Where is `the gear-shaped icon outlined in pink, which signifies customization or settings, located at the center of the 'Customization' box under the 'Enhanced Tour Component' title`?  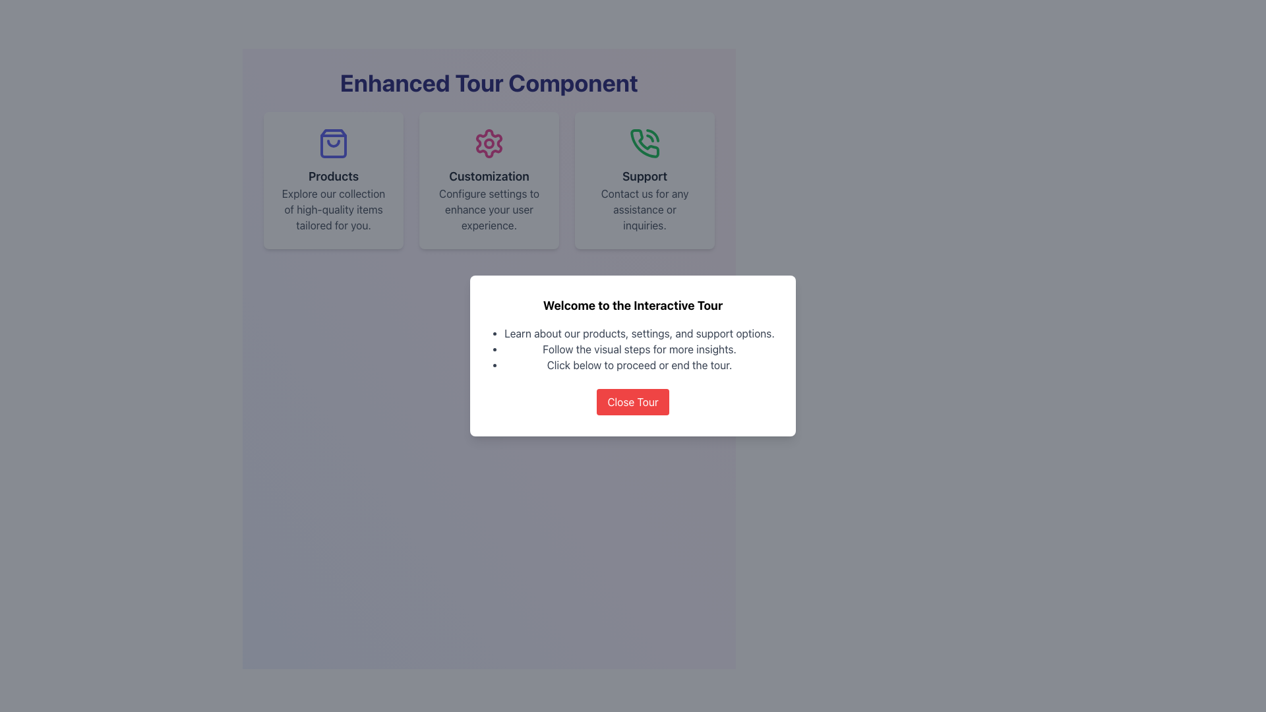 the gear-shaped icon outlined in pink, which signifies customization or settings, located at the center of the 'Customization' box under the 'Enhanced Tour Component' title is located at coordinates (489, 144).